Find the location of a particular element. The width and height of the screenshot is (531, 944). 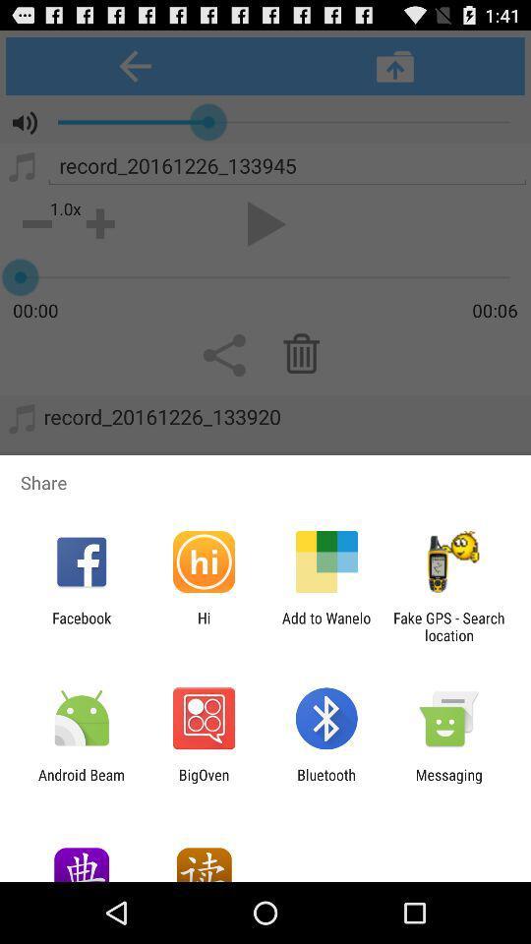

the app to the right of the android beam app is located at coordinates (203, 783).